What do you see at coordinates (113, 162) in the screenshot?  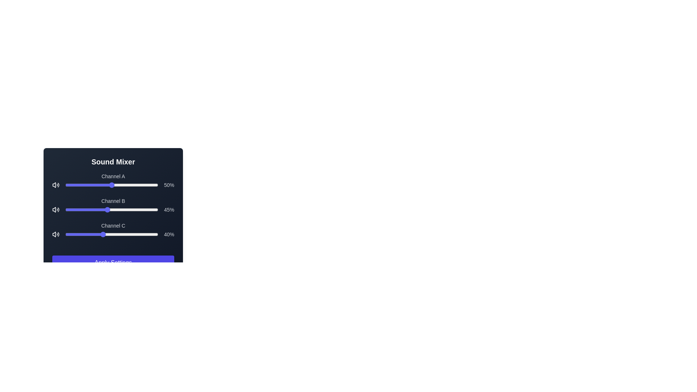 I see `the 'Sound Mixer' static label, which displays bold white text on a dark gray background at the top of the panel containing channel sliders` at bounding box center [113, 162].